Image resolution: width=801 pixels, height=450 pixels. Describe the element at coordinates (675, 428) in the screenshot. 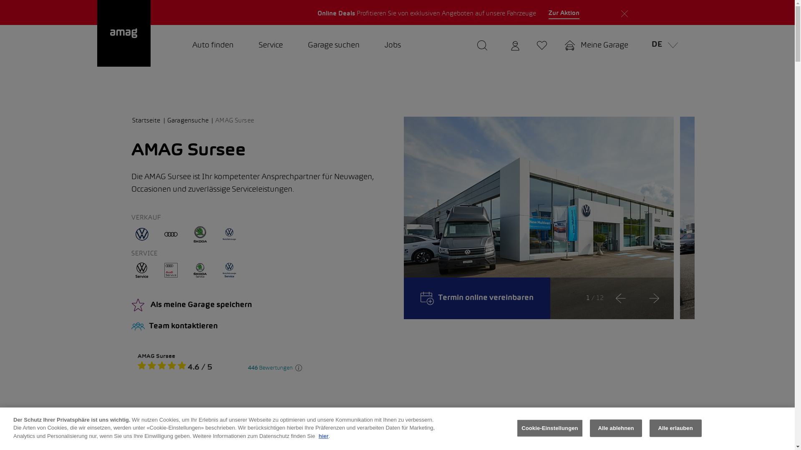

I see `'Alle erlauben'` at that location.